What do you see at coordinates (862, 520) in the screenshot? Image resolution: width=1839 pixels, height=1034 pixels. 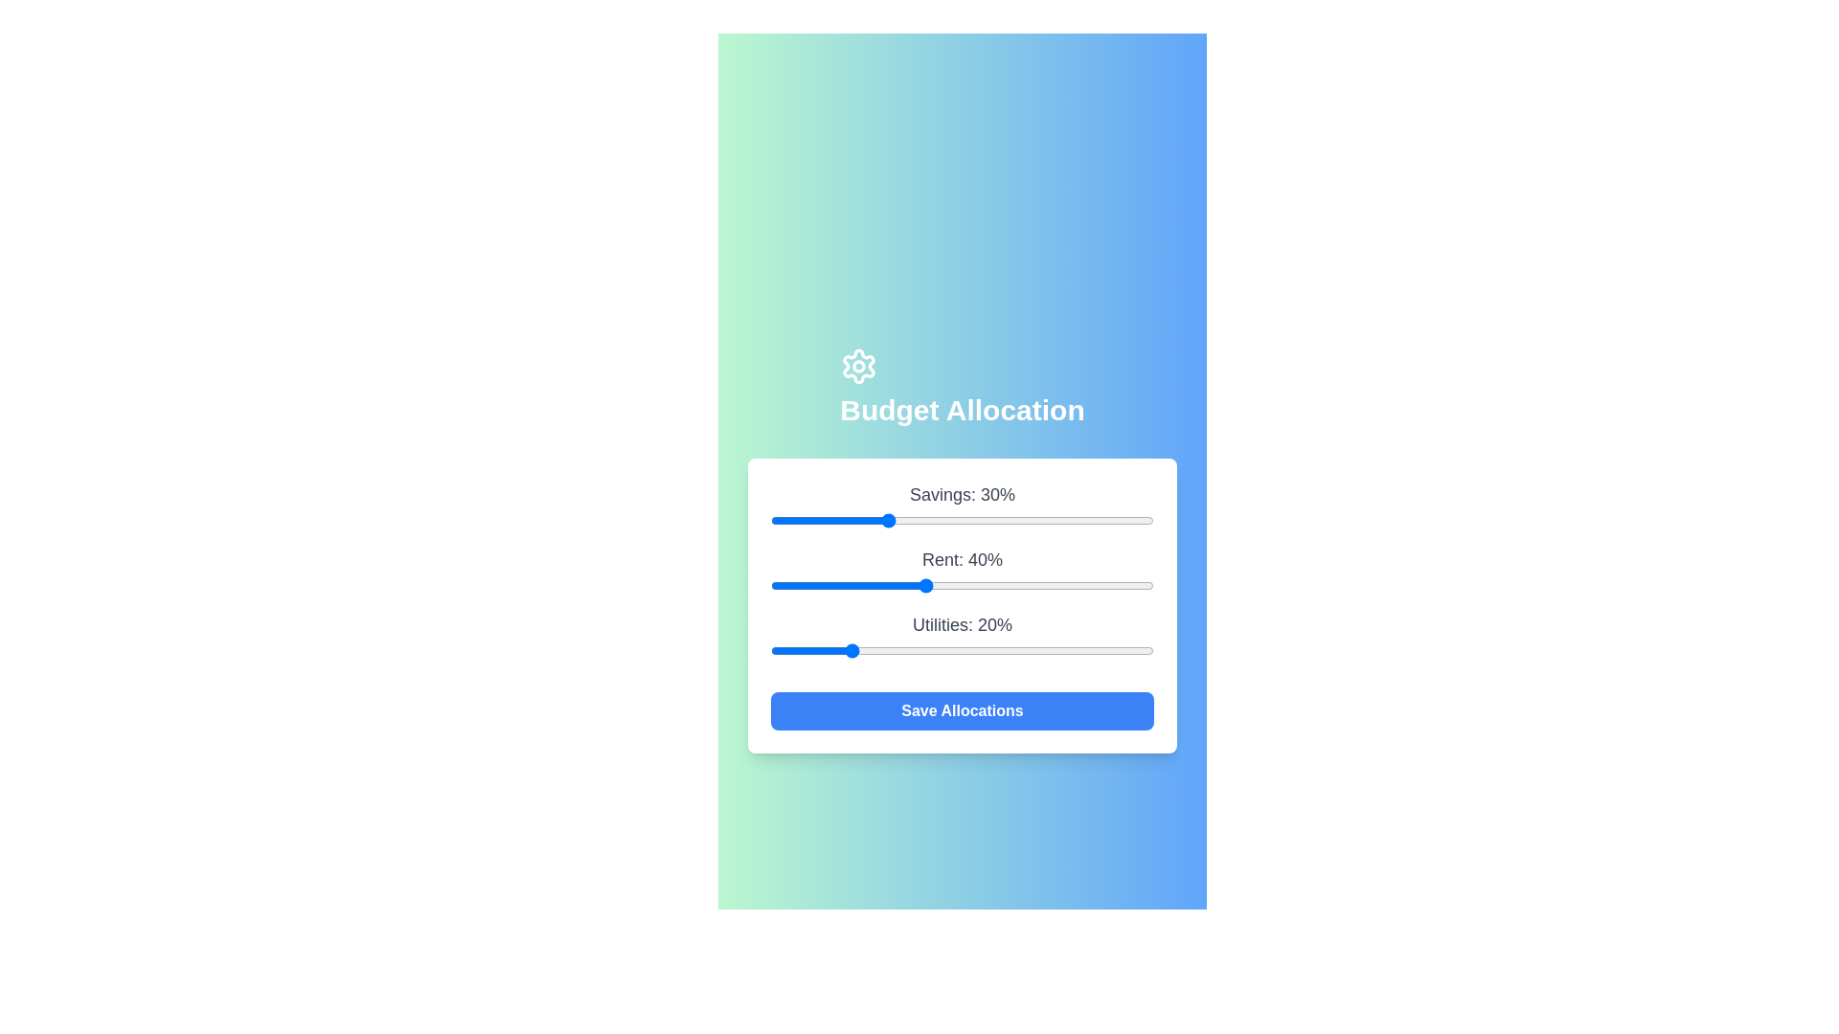 I see `the 'Savings' slider to 24%` at bounding box center [862, 520].